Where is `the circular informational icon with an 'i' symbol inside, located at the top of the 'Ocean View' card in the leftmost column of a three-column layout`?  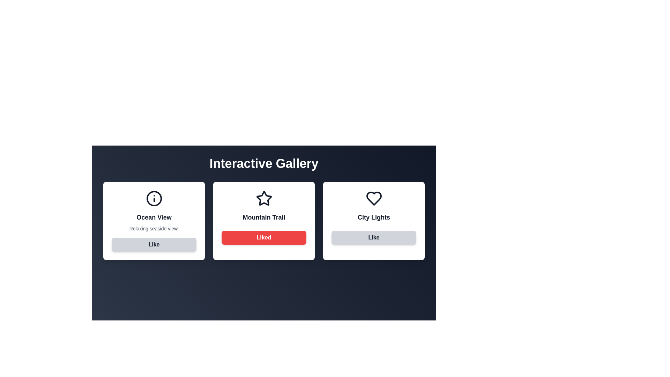
the circular informational icon with an 'i' symbol inside, located at the top of the 'Ocean View' card in the leftmost column of a three-column layout is located at coordinates (154, 199).